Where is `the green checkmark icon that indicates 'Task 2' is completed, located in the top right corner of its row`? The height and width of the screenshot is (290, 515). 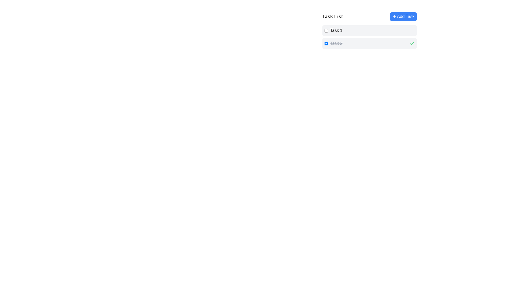
the green checkmark icon that indicates 'Task 2' is completed, located in the top right corner of its row is located at coordinates (412, 43).